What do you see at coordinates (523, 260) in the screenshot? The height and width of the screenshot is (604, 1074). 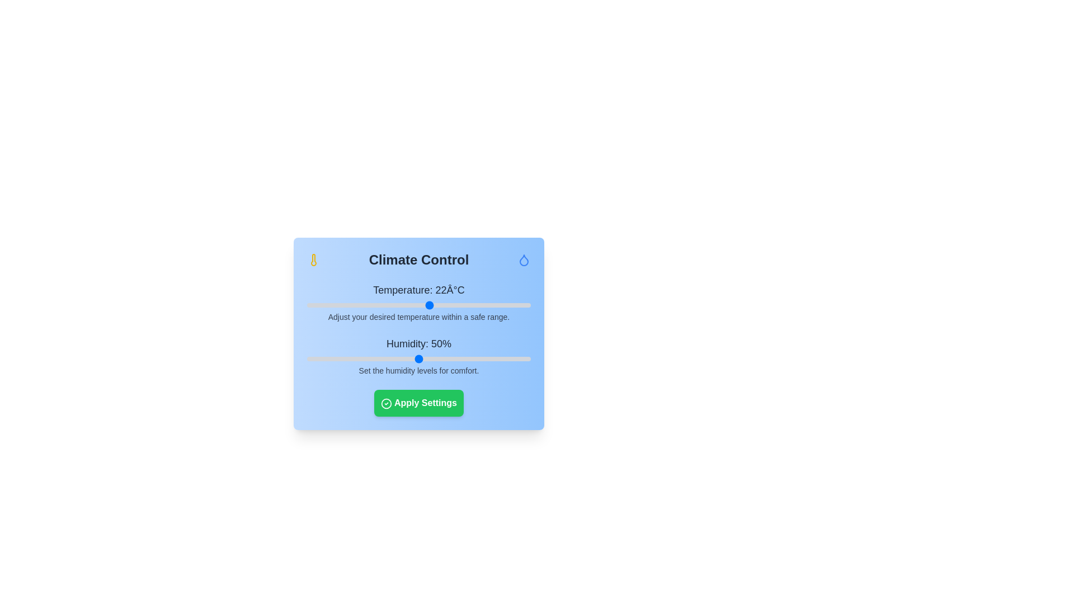 I see `the blue-colored water droplet icon located near the top-right corner of the interface, adjacent to the 'Climate Control' label` at bounding box center [523, 260].